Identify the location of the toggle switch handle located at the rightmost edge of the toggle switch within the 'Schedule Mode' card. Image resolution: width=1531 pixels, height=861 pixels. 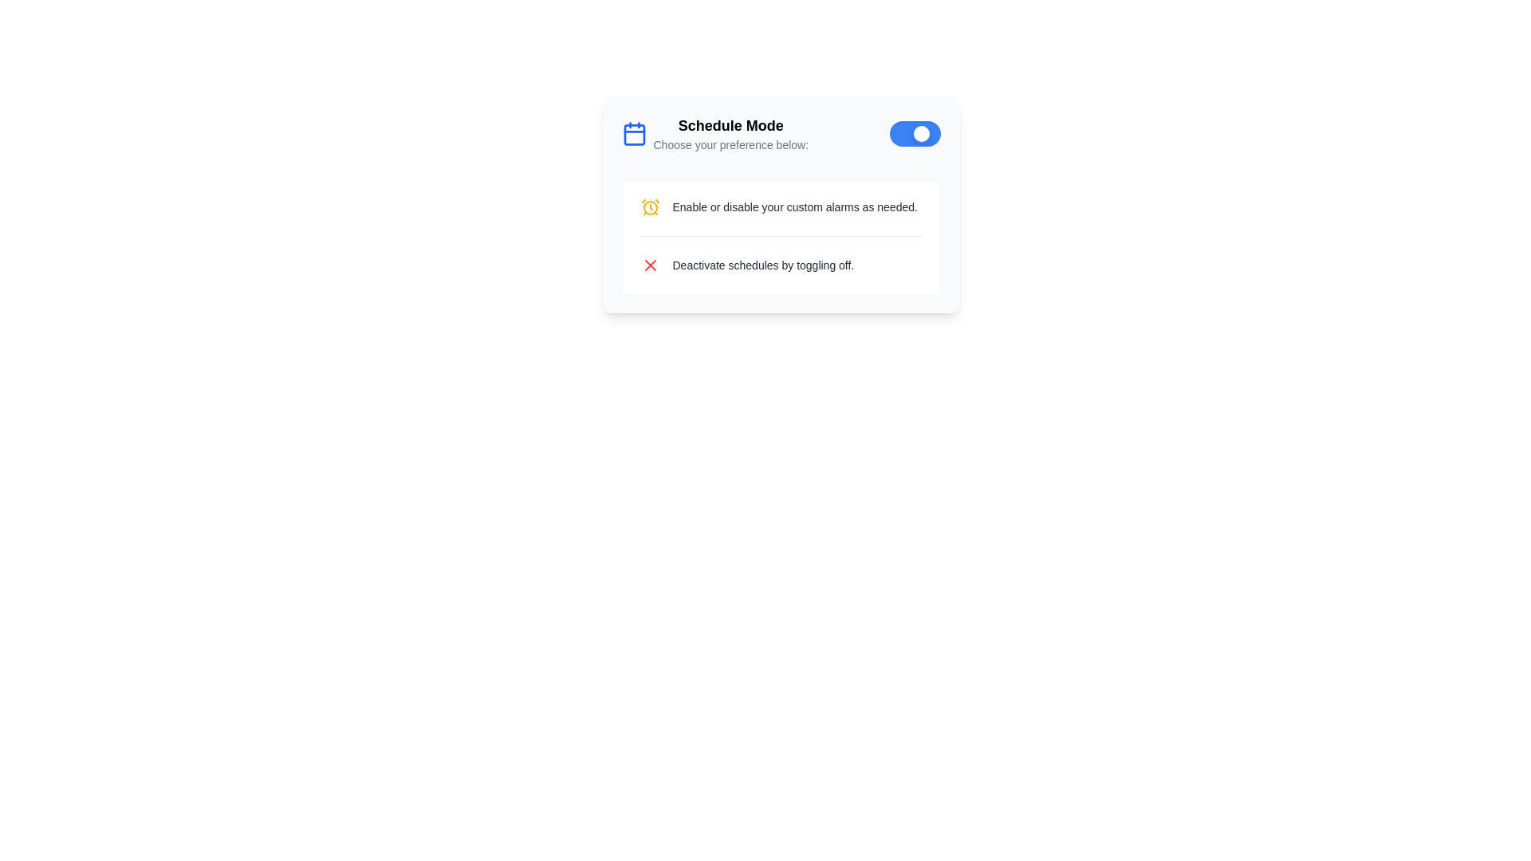
(921, 133).